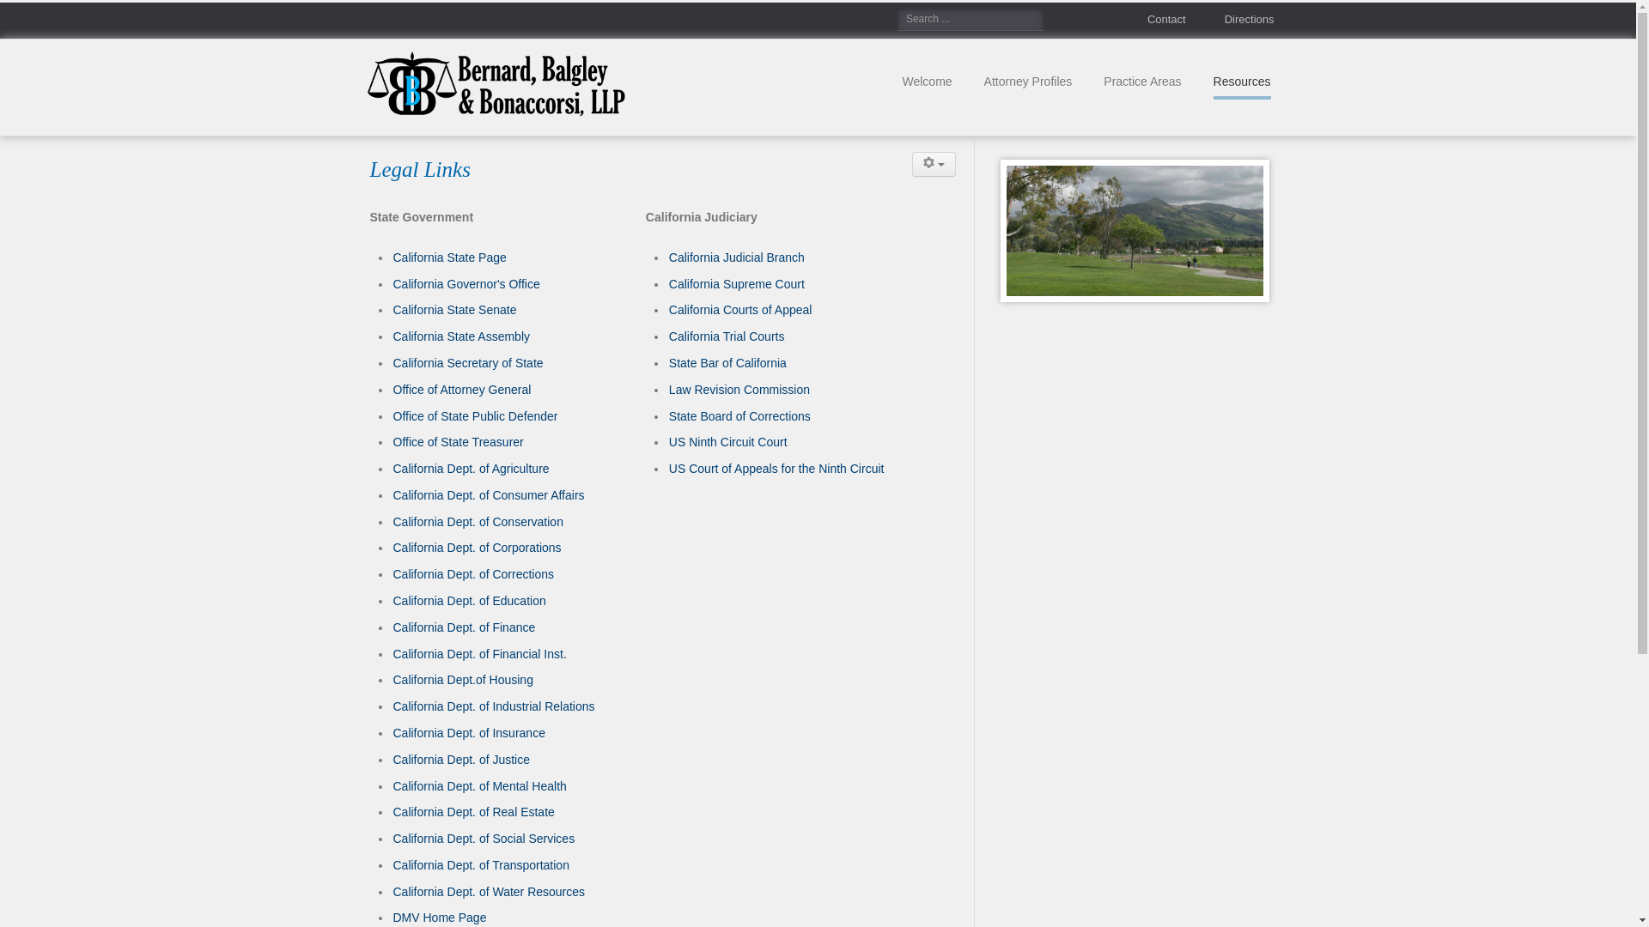  I want to click on 'Contact', so click(1150, 19).